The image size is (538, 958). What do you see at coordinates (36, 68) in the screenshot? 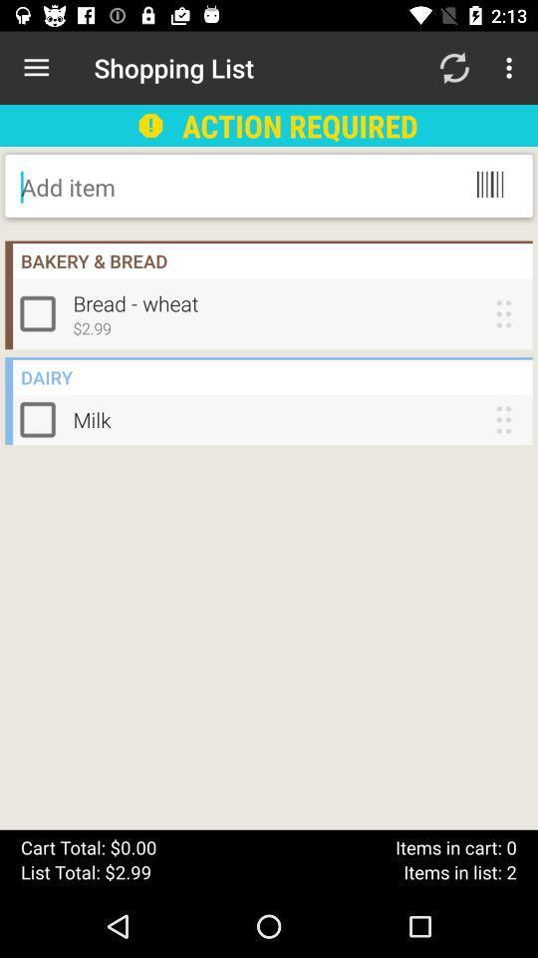
I see `the item next to the shopping list` at bounding box center [36, 68].